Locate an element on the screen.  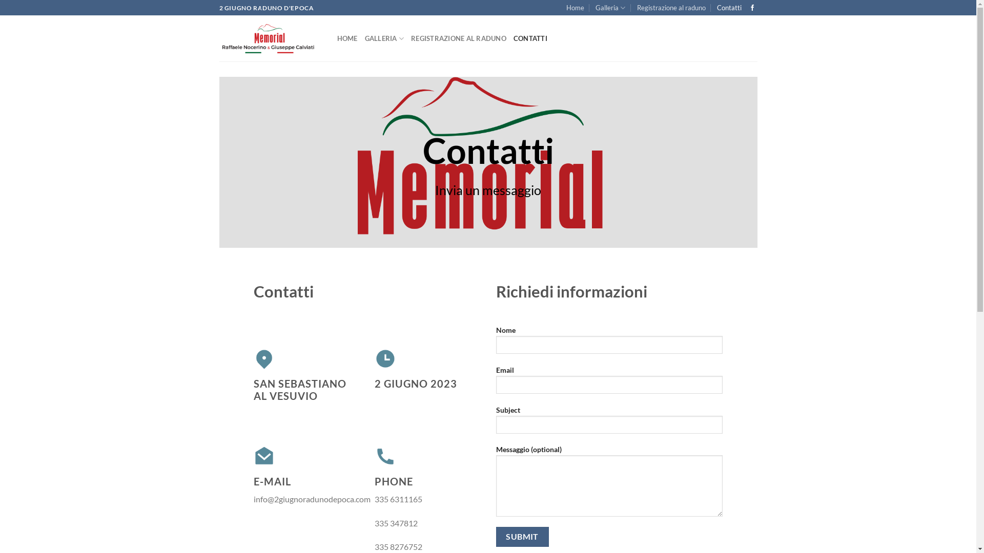
'Seguici su Facebook' is located at coordinates (749, 8).